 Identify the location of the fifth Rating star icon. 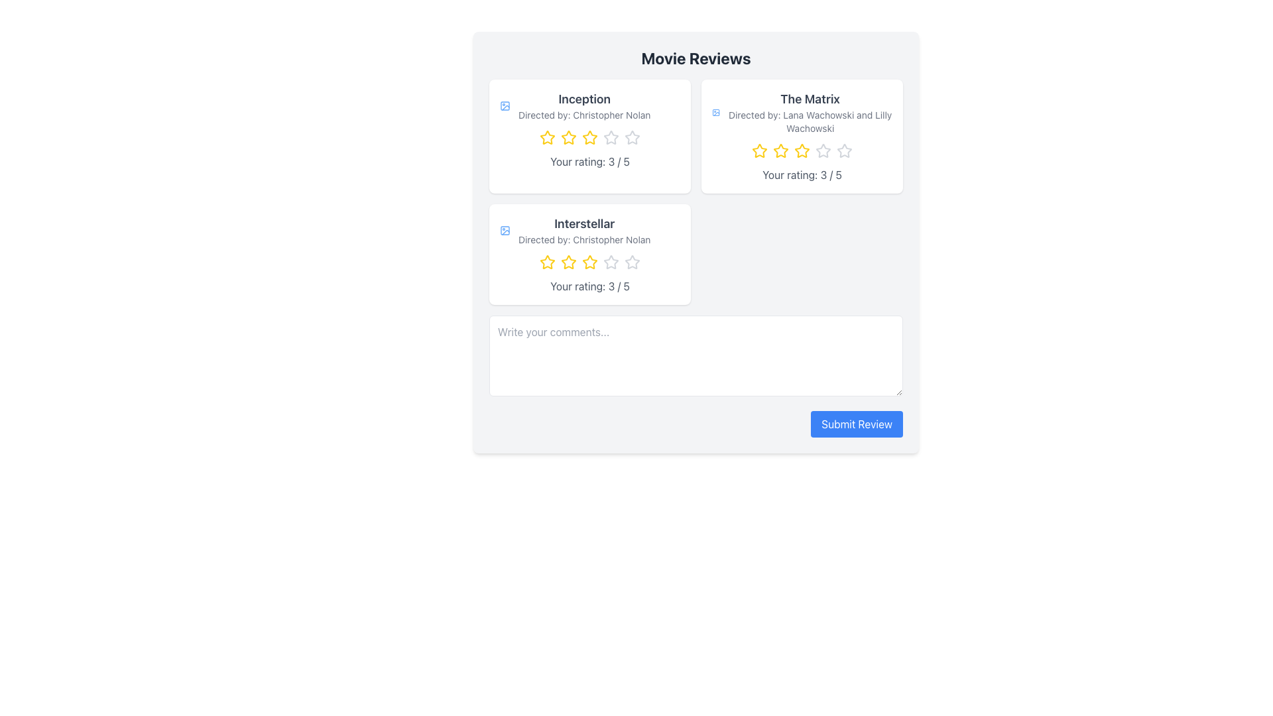
(843, 150).